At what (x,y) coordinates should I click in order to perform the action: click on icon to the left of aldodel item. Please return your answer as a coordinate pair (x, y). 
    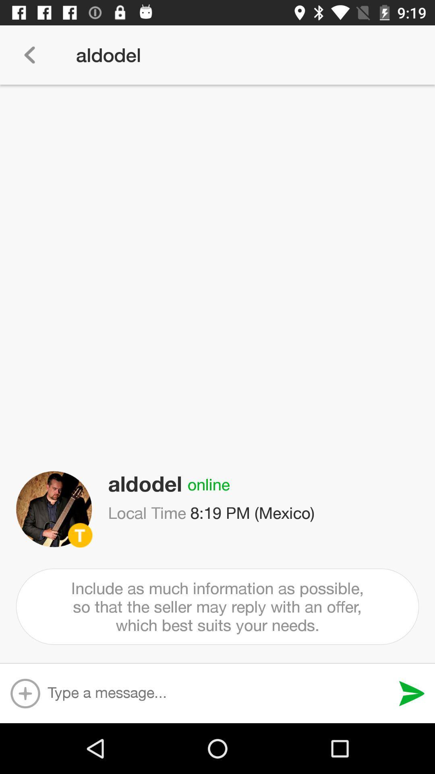
    Looking at the image, I should click on (29, 54).